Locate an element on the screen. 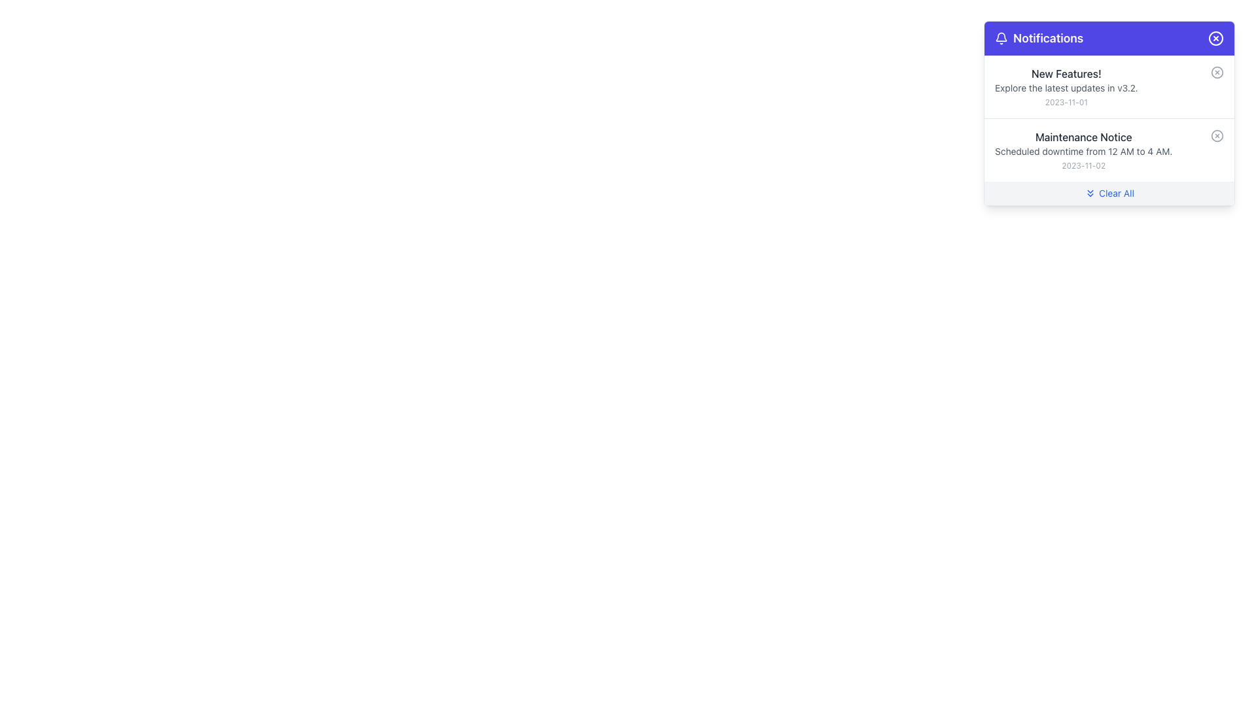  the text label that contains the message 'Scheduled downtime from 12 AM to 4 AM.' located in the second notification card under the 'Notifications' panel is located at coordinates (1083, 150).